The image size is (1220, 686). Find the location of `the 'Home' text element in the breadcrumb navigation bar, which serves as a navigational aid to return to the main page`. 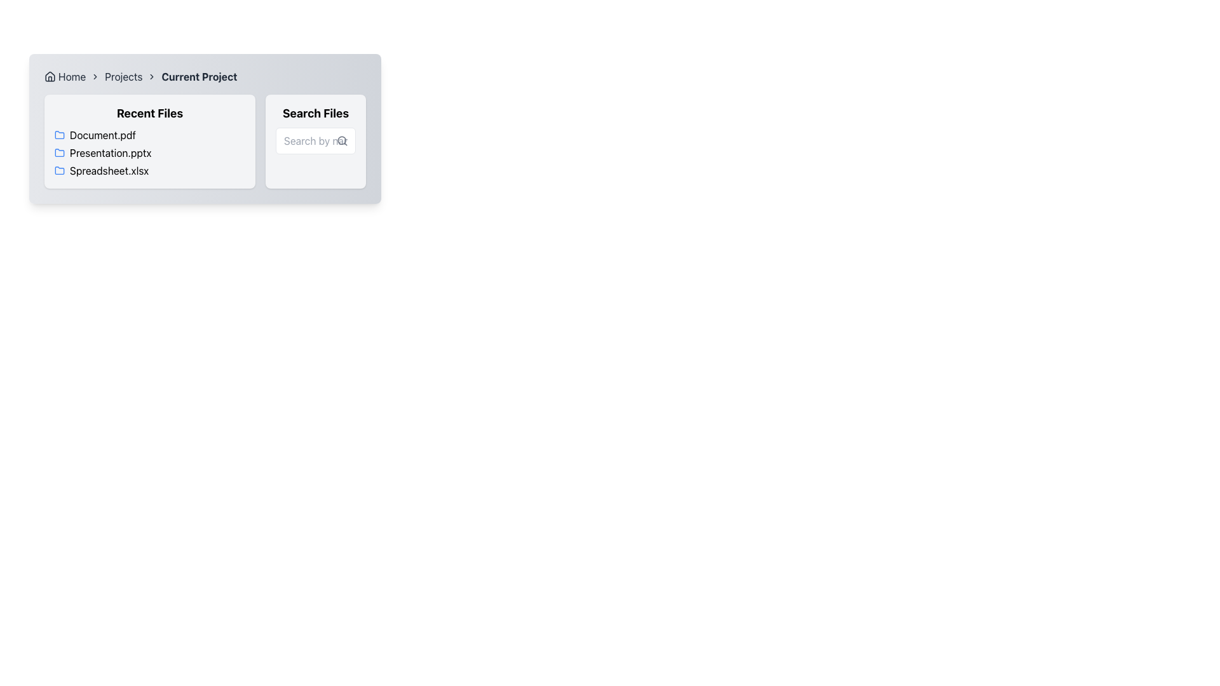

the 'Home' text element in the breadcrumb navigation bar, which serves as a navigational aid to return to the main page is located at coordinates (71, 76).